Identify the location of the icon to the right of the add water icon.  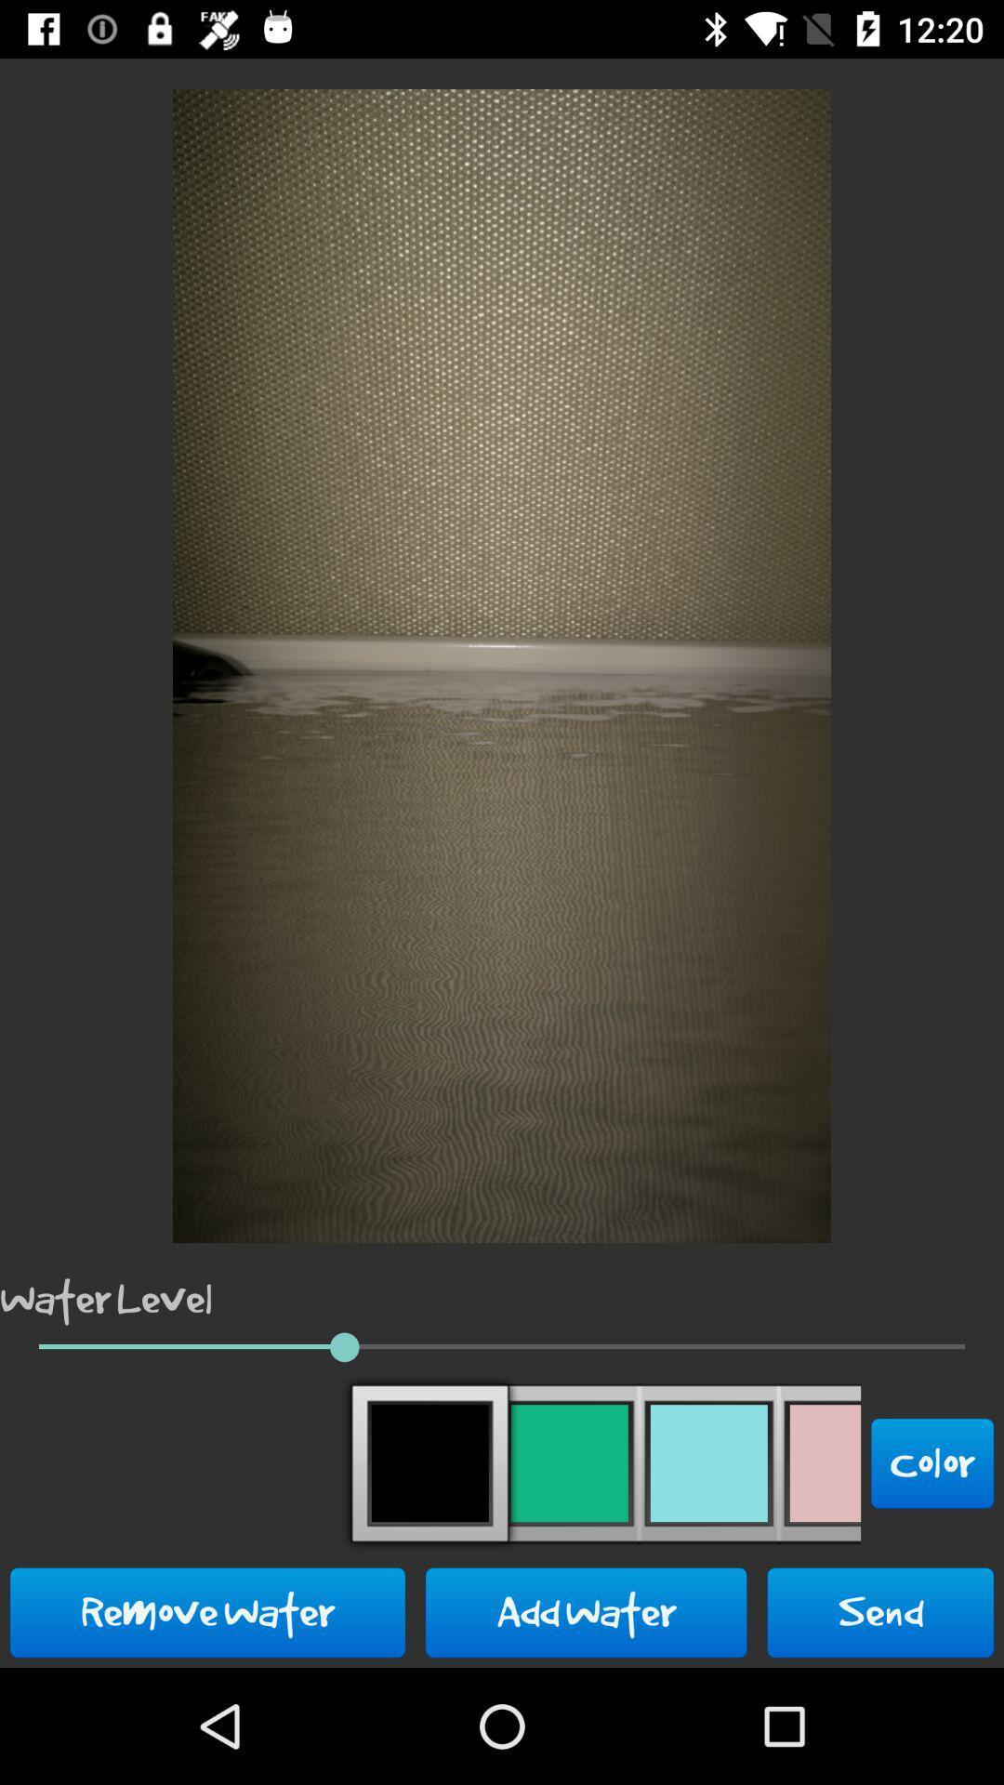
(879, 1611).